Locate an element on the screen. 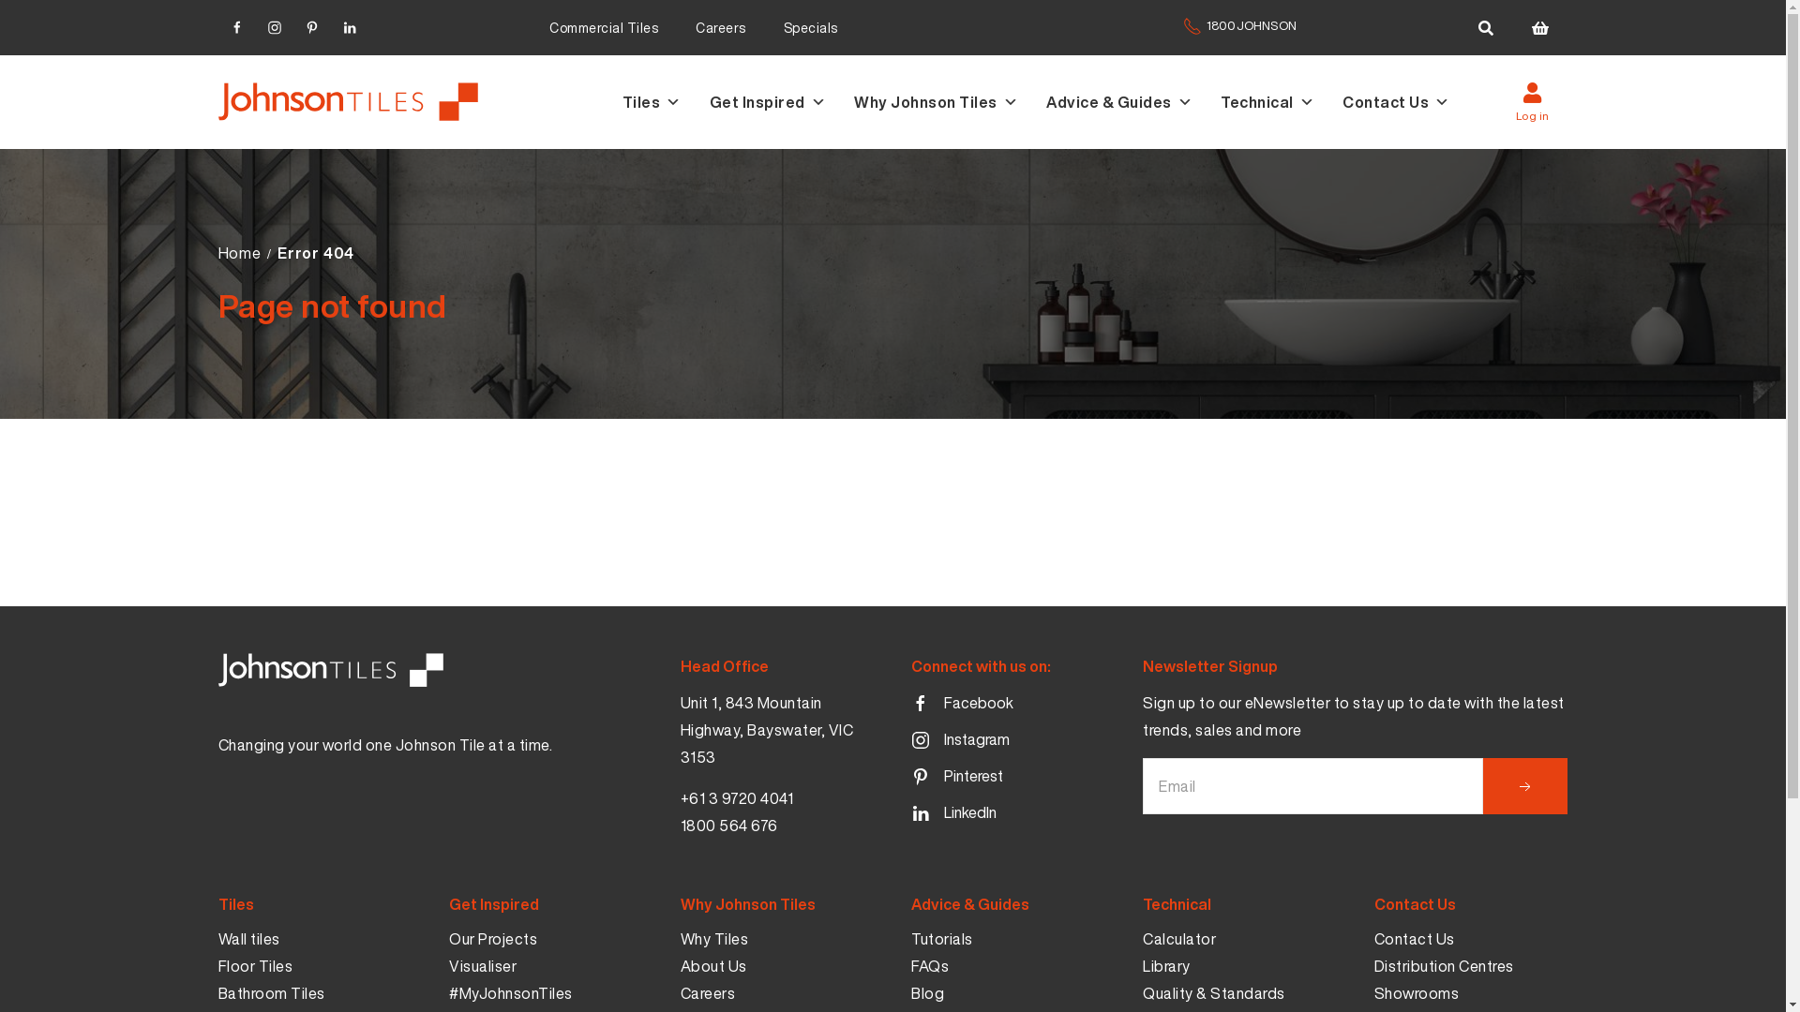 The image size is (1800, 1012). 'Pinterest' is located at coordinates (957, 777).